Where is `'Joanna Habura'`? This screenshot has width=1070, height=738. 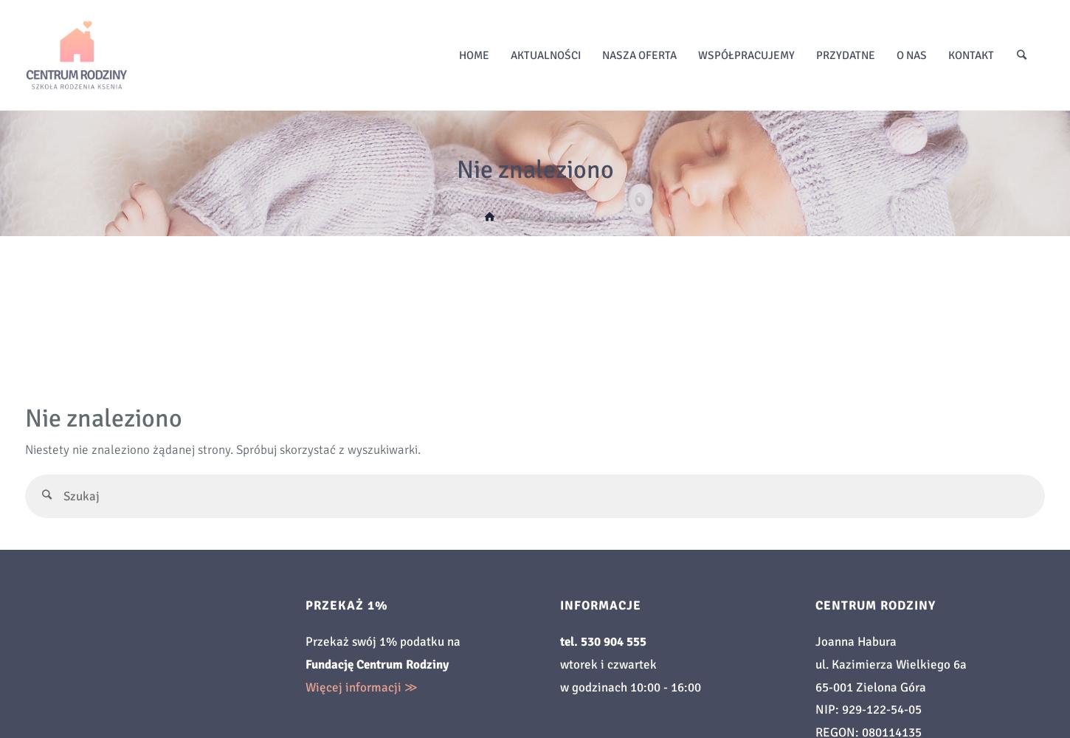
'Joanna Habura' is located at coordinates (854, 641).